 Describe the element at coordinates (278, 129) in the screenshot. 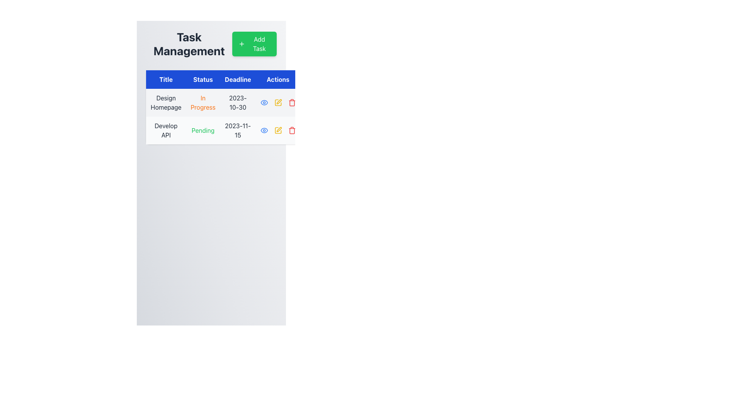

I see `the stylized pen icon located in the second row of the 'Actions' column of the task management table` at that location.